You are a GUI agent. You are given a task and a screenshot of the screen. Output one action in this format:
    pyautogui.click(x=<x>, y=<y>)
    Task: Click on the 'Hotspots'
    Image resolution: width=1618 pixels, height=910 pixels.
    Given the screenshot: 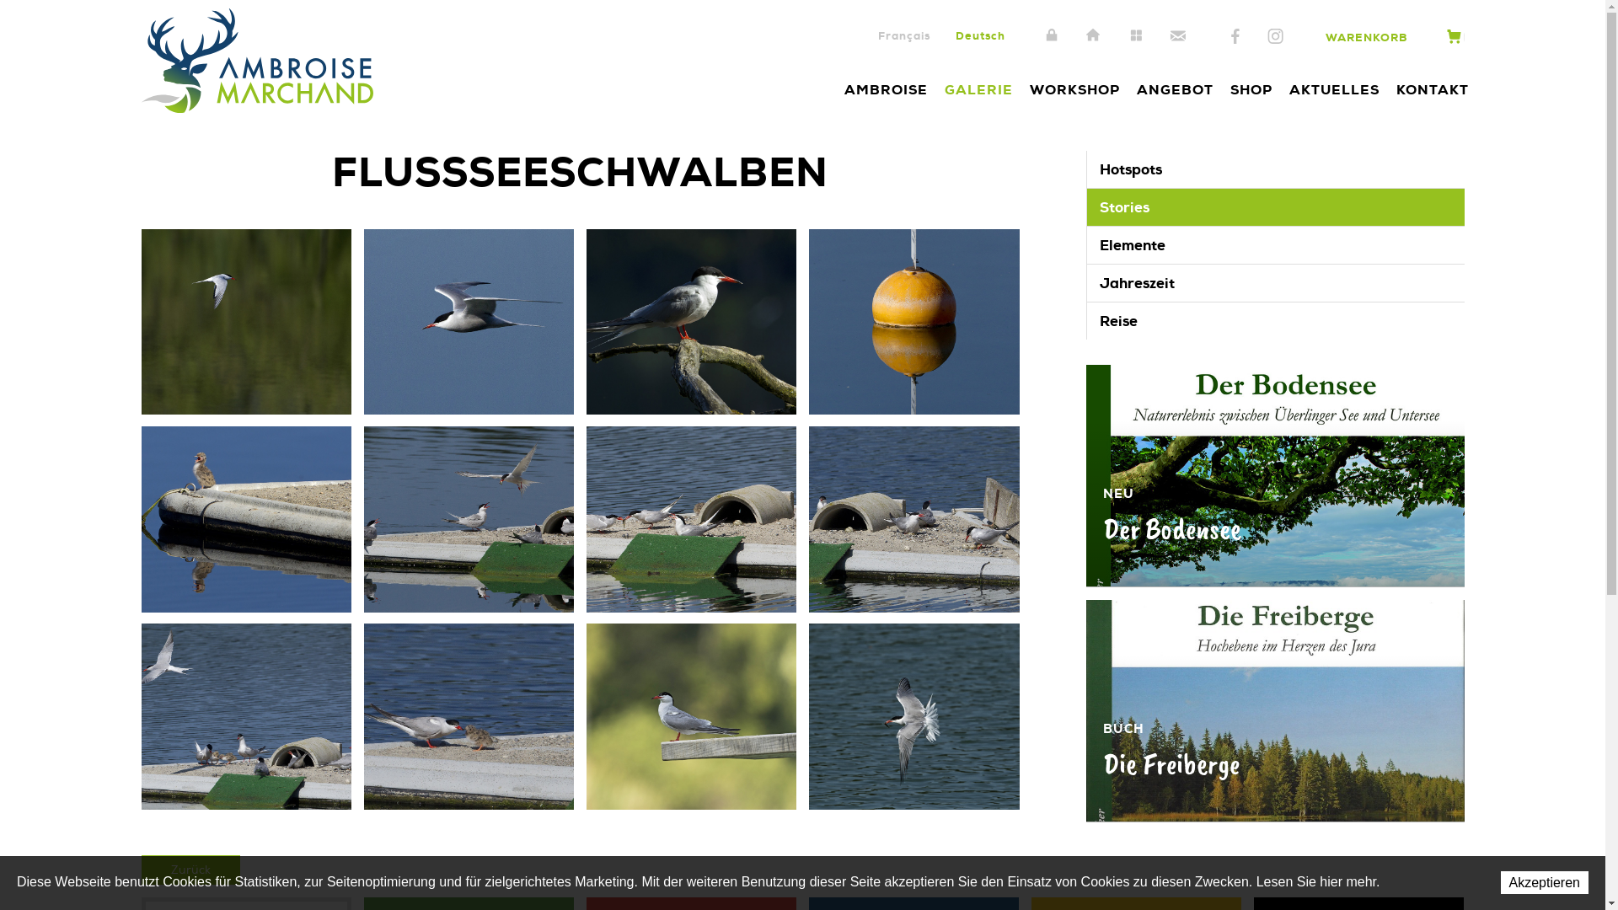 What is the action you would take?
    pyautogui.click(x=1275, y=169)
    